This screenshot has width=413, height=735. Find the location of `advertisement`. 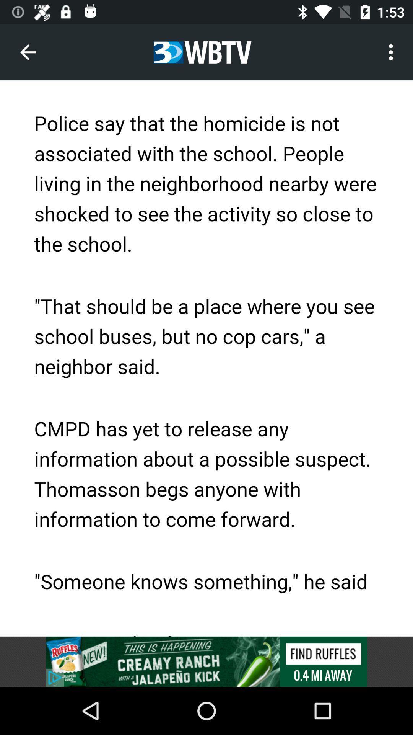

advertisement is located at coordinates (206, 661).